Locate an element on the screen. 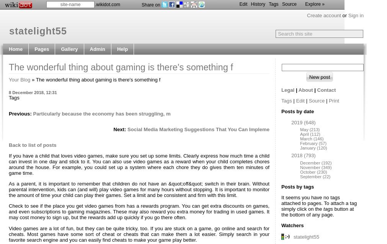 The height and width of the screenshot is (244, 387). 'Your Blog' is located at coordinates (19, 79).